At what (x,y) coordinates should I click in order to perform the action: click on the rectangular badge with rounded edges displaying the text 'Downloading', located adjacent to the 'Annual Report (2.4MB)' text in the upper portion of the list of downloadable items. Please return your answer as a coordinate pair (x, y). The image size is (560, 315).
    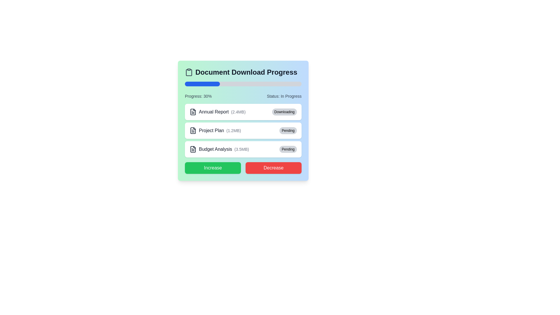
    Looking at the image, I should click on (284, 112).